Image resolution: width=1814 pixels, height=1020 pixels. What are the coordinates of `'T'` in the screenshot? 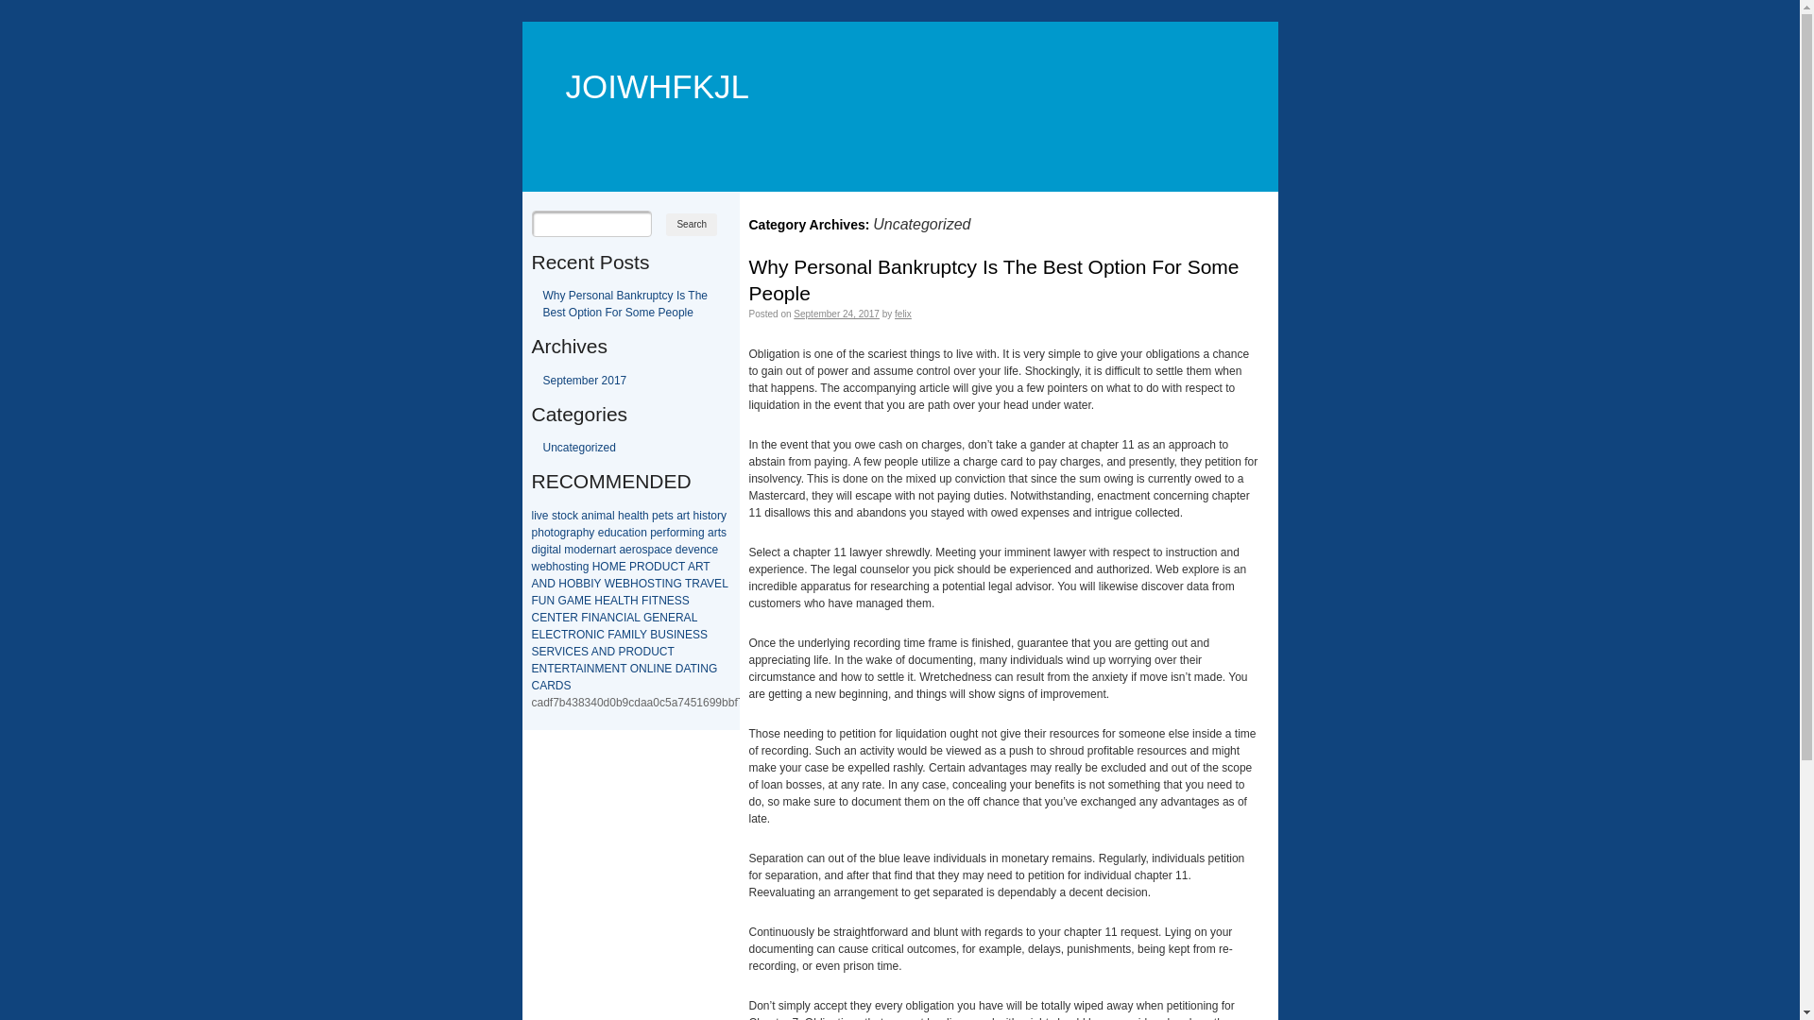 It's located at (680, 566).